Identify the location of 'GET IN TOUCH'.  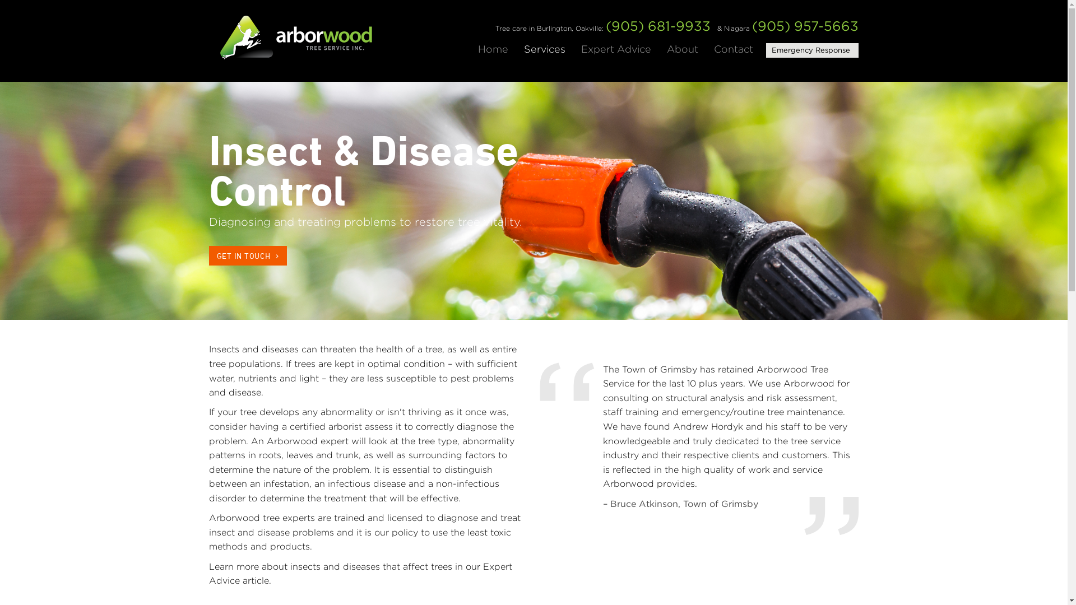
(208, 255).